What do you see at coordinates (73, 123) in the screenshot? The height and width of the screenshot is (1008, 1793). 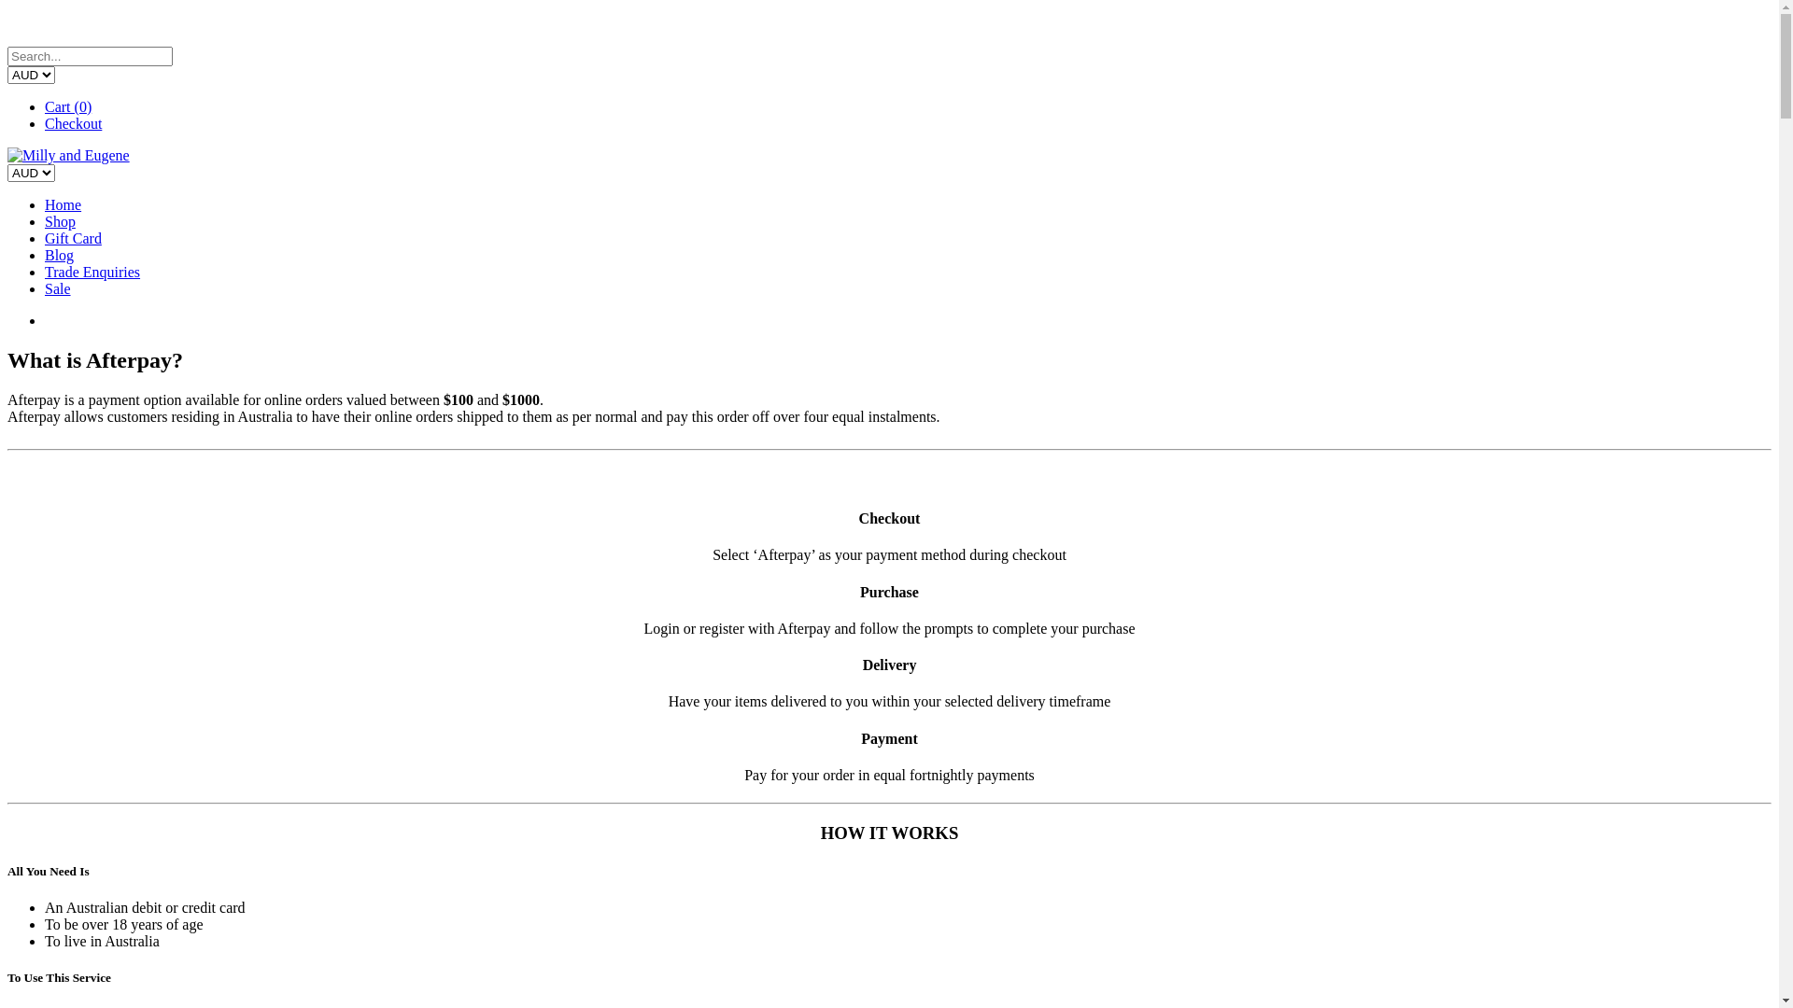 I see `'Checkout'` at bounding box center [73, 123].